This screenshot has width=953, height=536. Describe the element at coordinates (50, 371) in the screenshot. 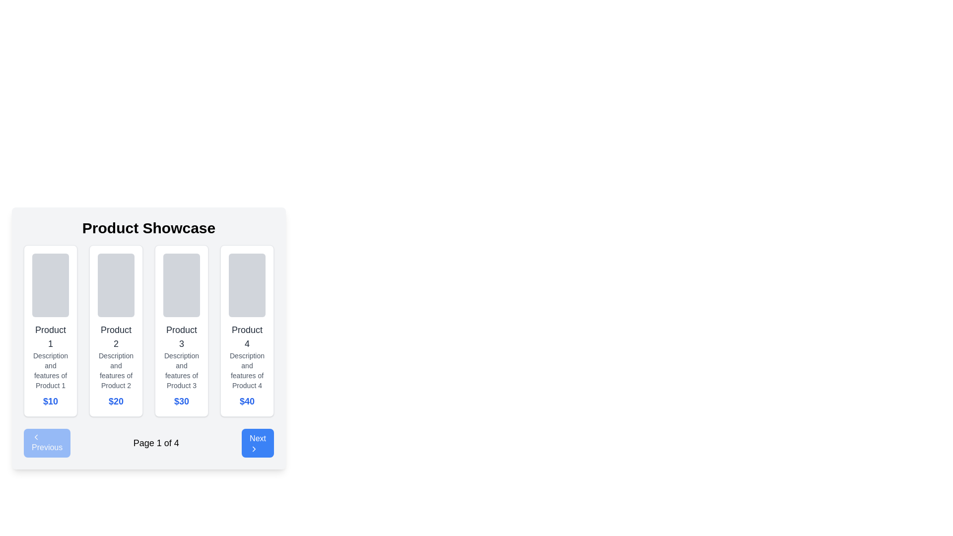

I see `the text block styled with small, gray-colored font that displays 'Description and features of Product 1', located below the title 'Product 1' and above the price label within the product card for 'Product 1'` at that location.